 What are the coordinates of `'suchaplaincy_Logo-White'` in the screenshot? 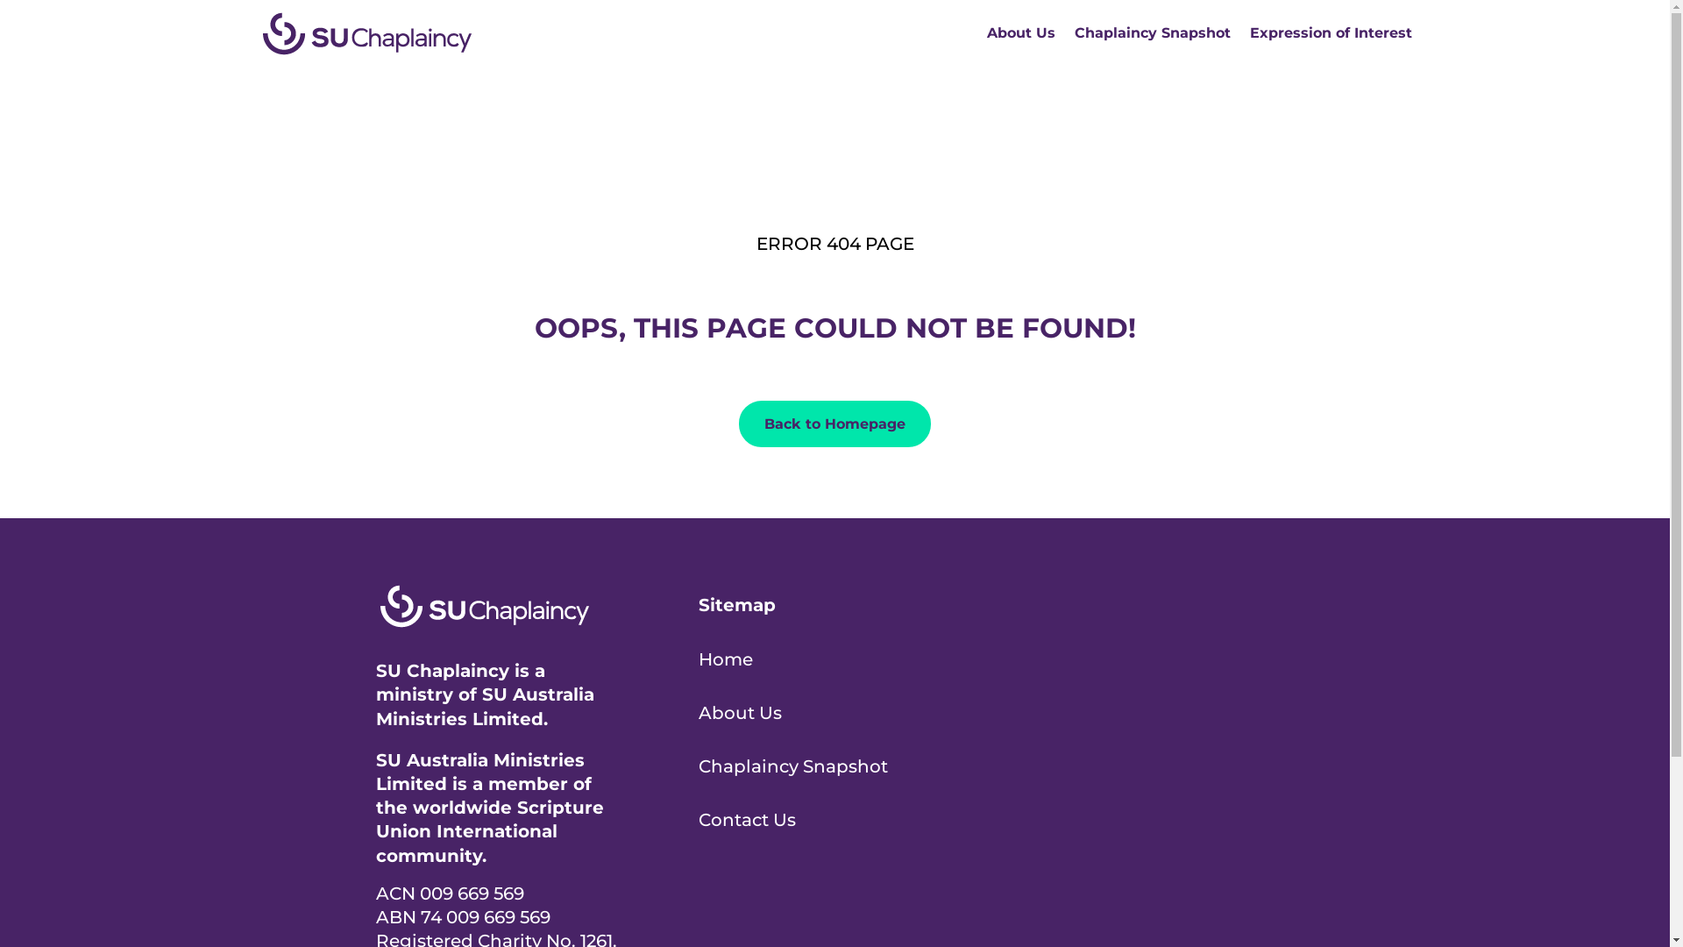 It's located at (484, 605).